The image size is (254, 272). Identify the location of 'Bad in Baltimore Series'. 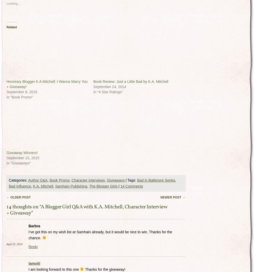
(156, 180).